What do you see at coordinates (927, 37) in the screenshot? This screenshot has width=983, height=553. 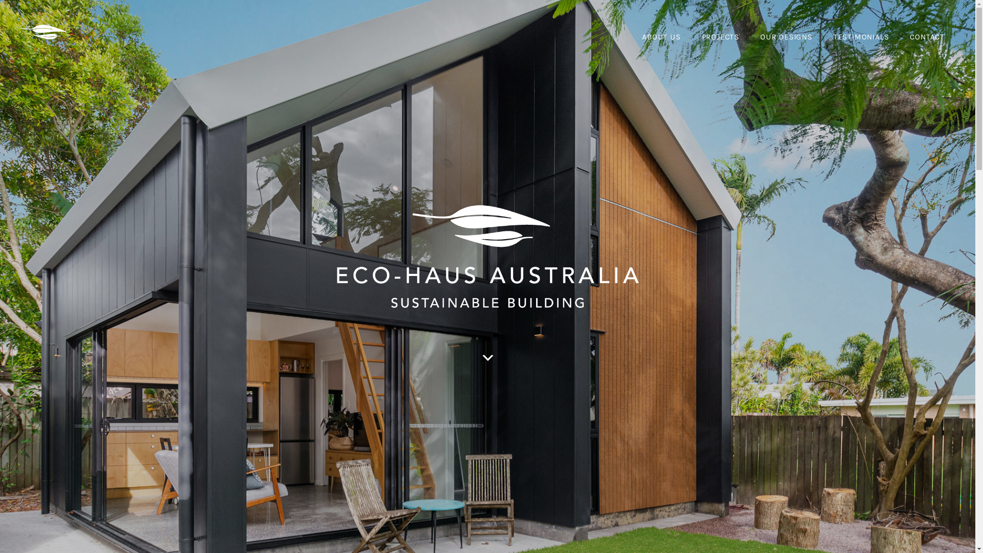 I see `'CONTACT'` at bounding box center [927, 37].